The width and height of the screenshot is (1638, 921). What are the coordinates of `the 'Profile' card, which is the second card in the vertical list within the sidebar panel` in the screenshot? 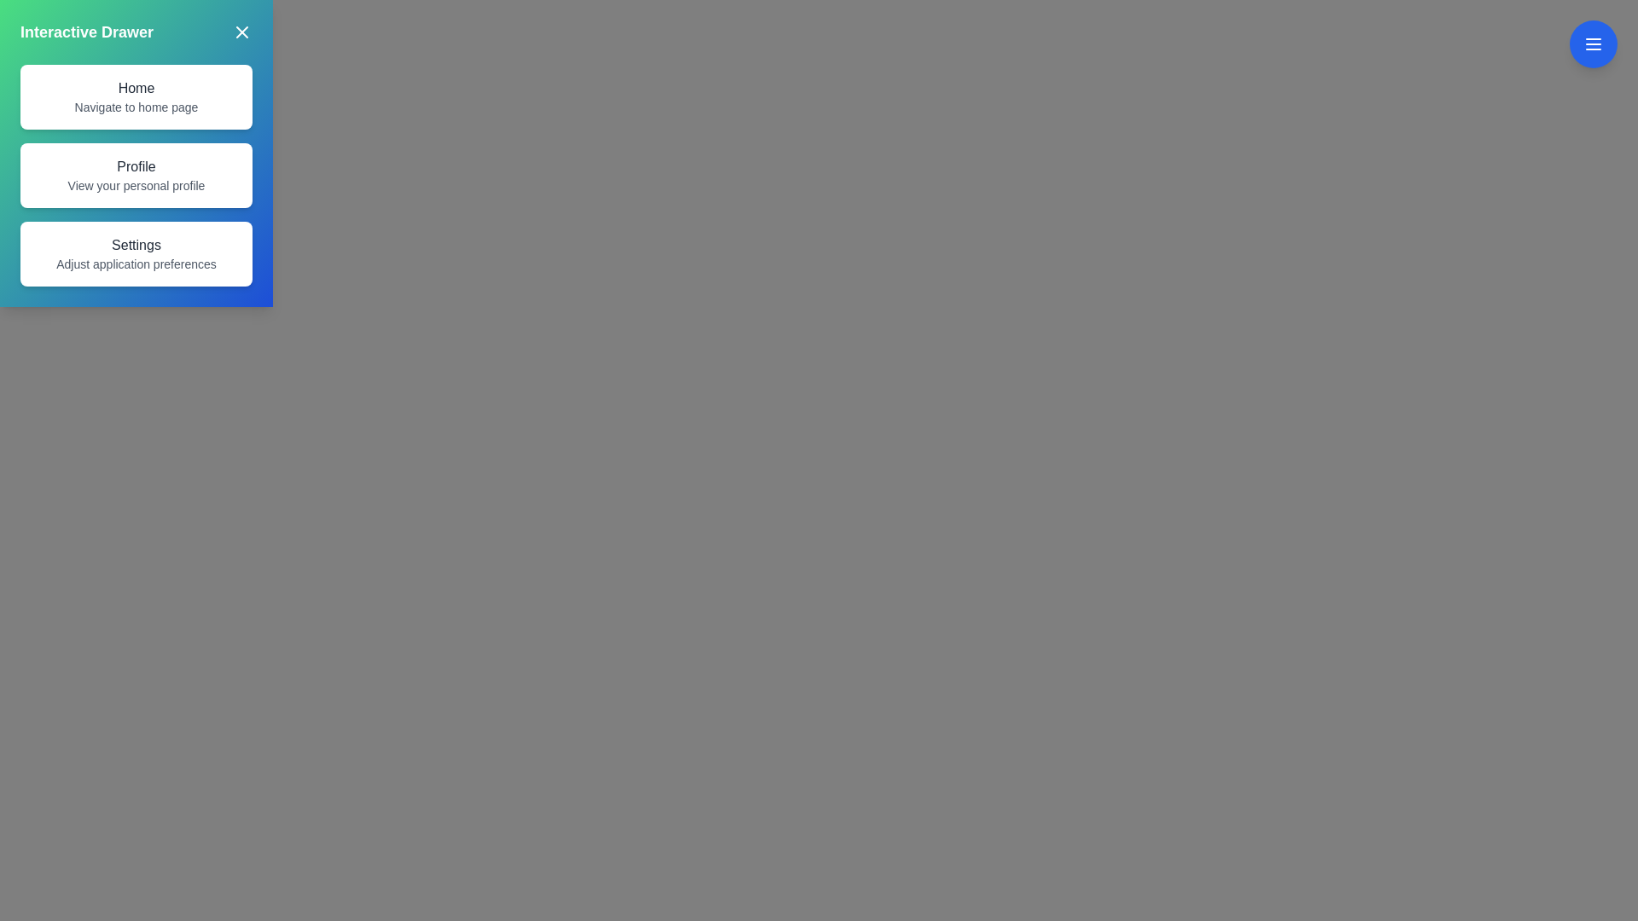 It's located at (135, 175).